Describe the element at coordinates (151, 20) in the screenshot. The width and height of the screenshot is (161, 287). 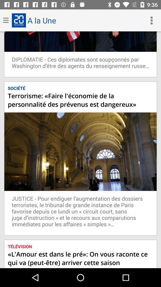
I see `the item at the top right corner` at that location.